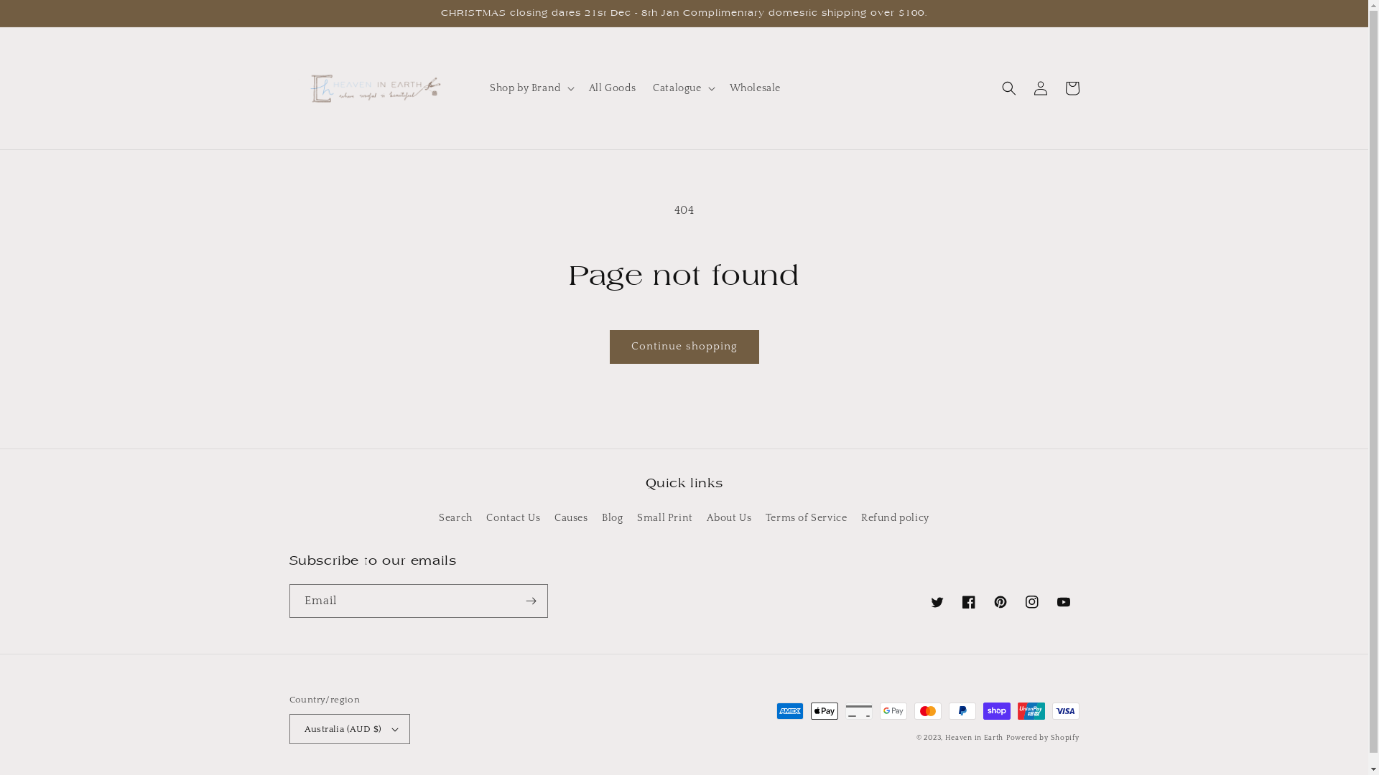 This screenshot has width=1379, height=775. What do you see at coordinates (952, 602) in the screenshot?
I see `'Facebook'` at bounding box center [952, 602].